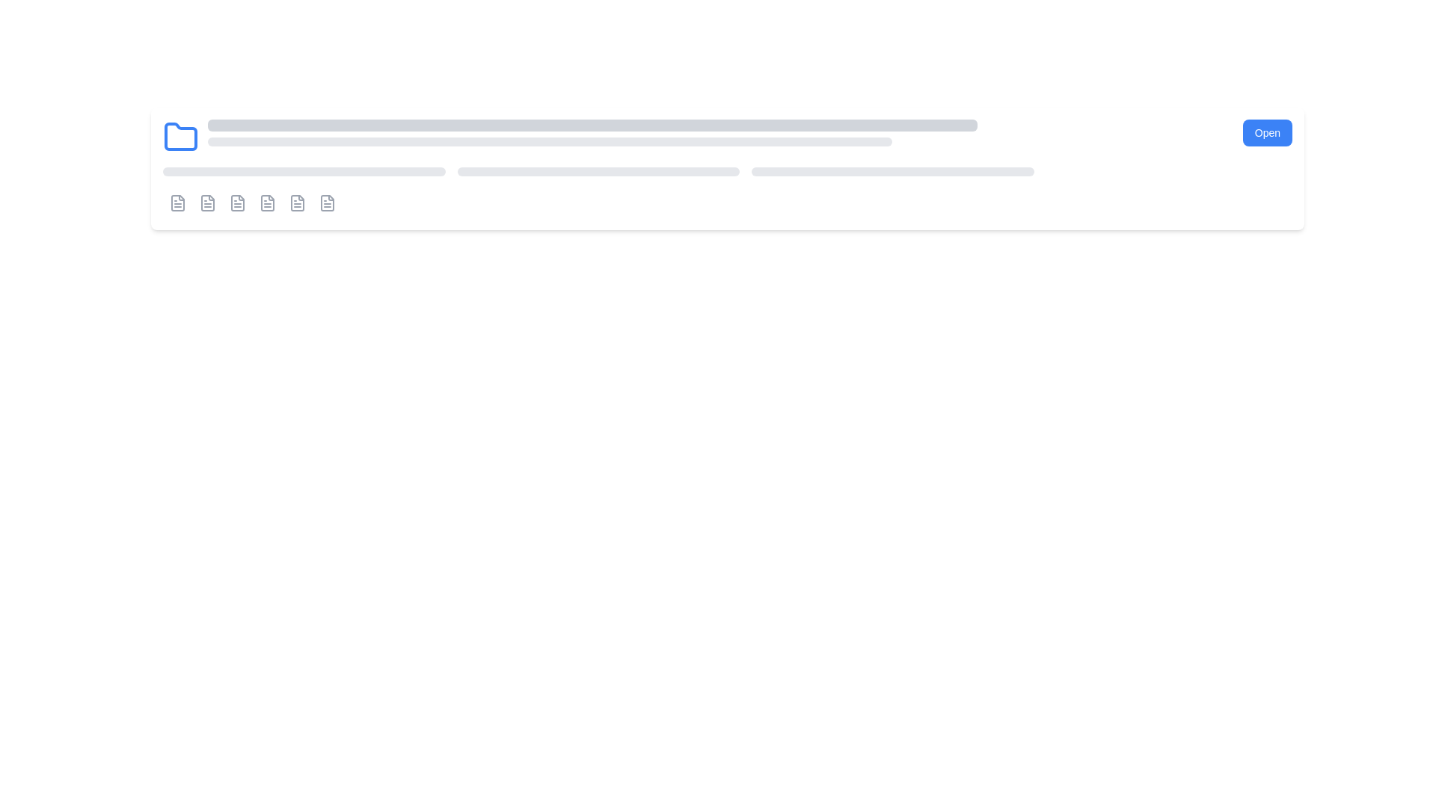 This screenshot has height=807, width=1436. What do you see at coordinates (236, 203) in the screenshot?
I see `the third document icon in a row of similar document icons, located below a prominent horizontal line near the center of the interface` at bounding box center [236, 203].